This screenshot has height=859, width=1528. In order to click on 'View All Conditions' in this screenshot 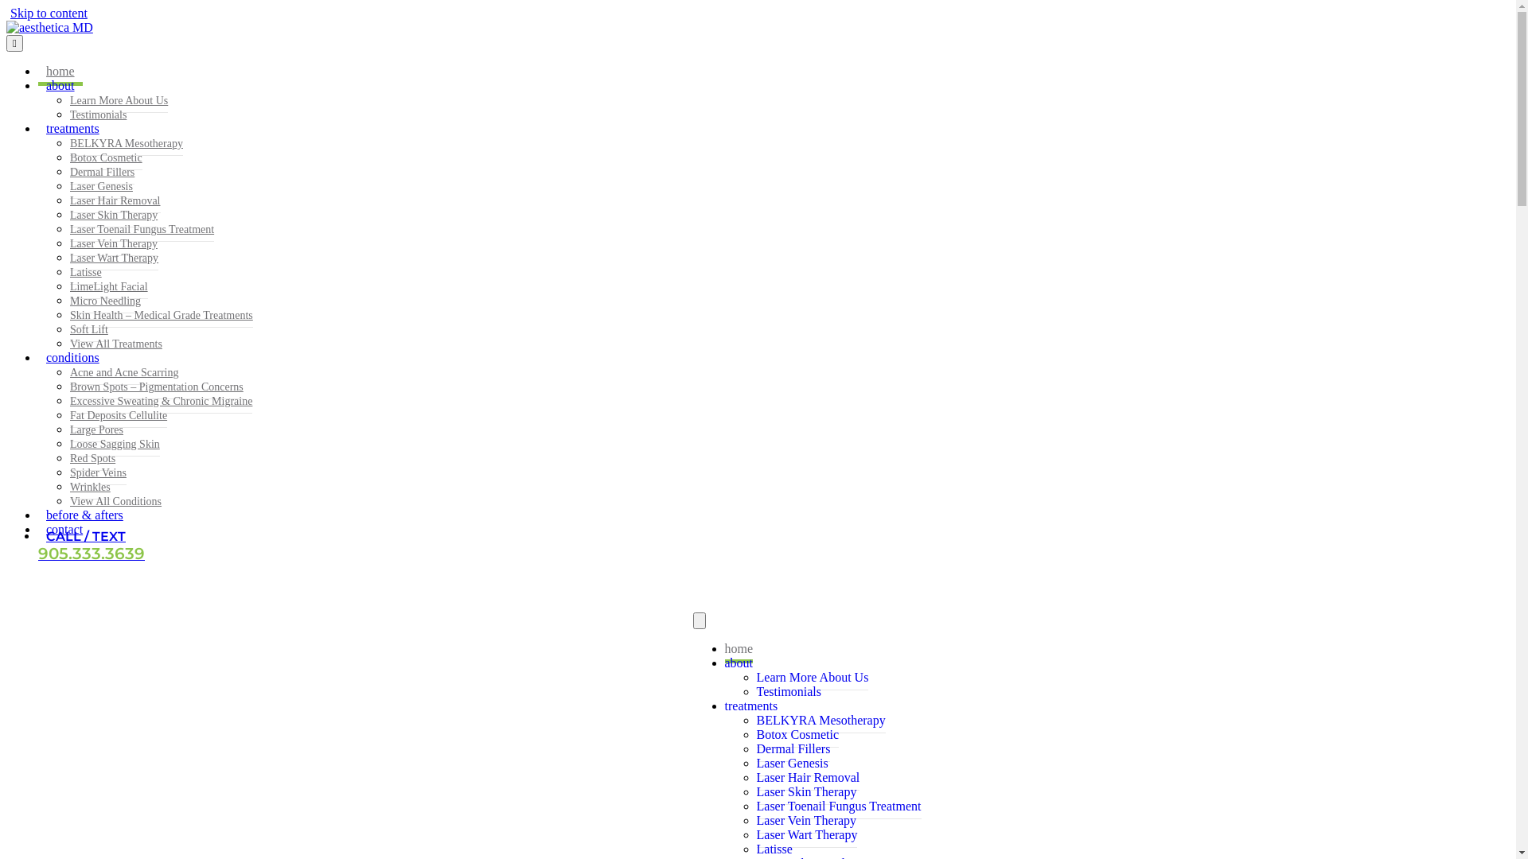, I will do `click(115, 501)`.